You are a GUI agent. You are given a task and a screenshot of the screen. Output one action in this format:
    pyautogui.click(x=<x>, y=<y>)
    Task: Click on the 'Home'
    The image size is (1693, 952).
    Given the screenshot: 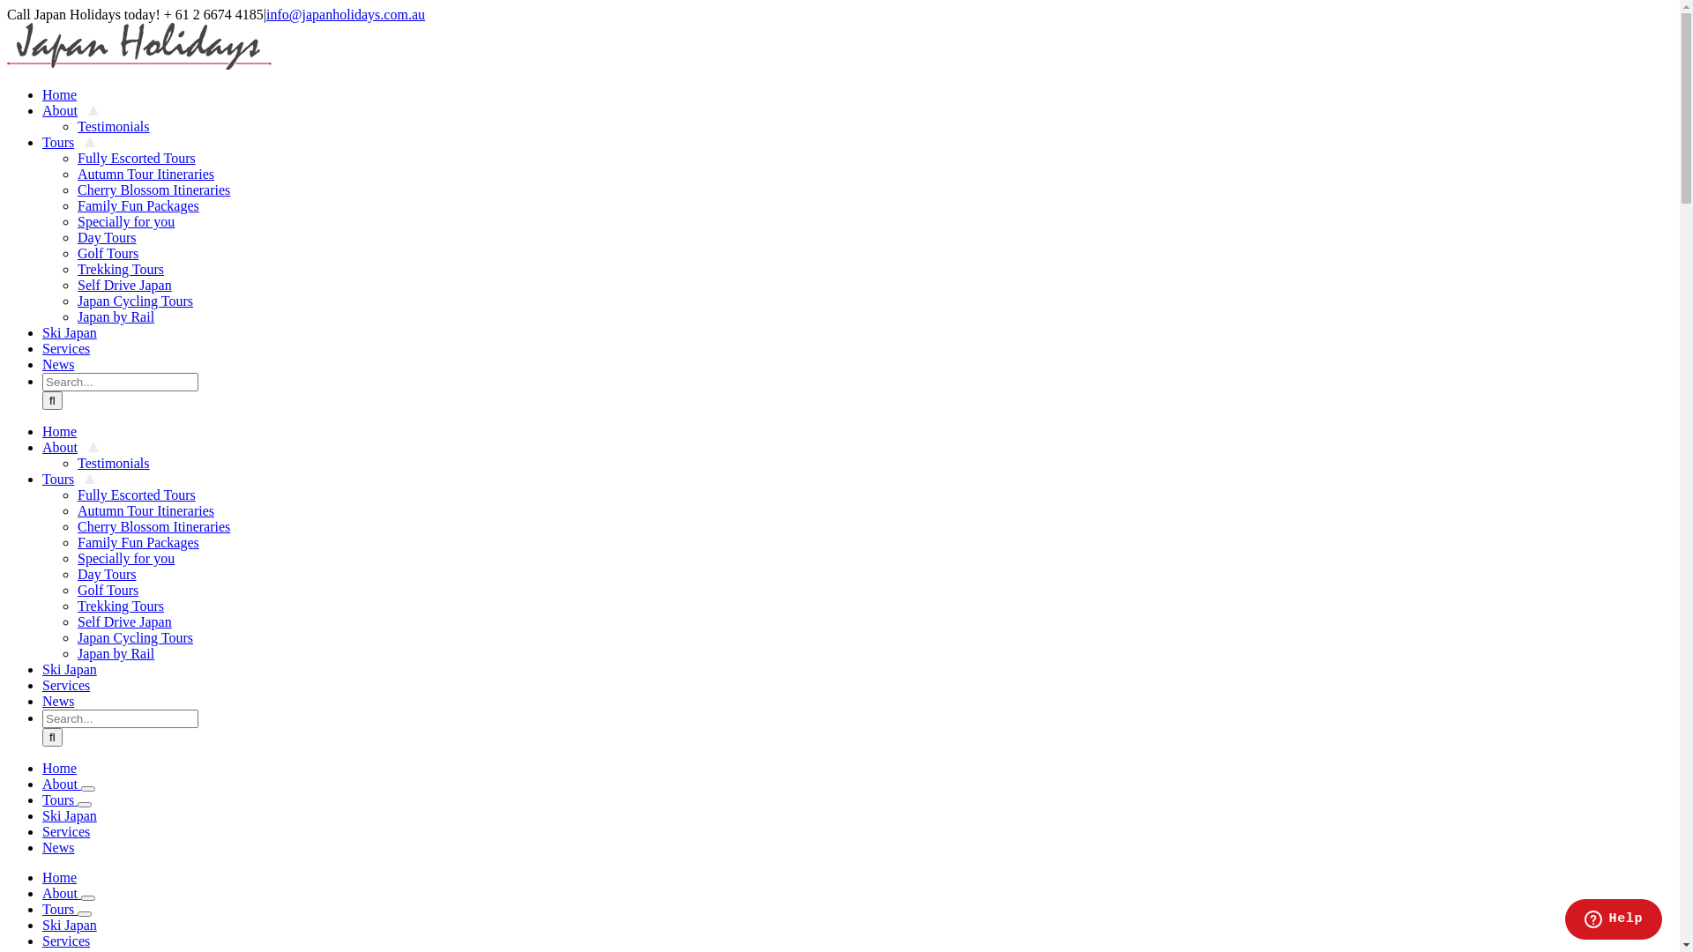 What is the action you would take?
    pyautogui.click(x=64, y=431)
    